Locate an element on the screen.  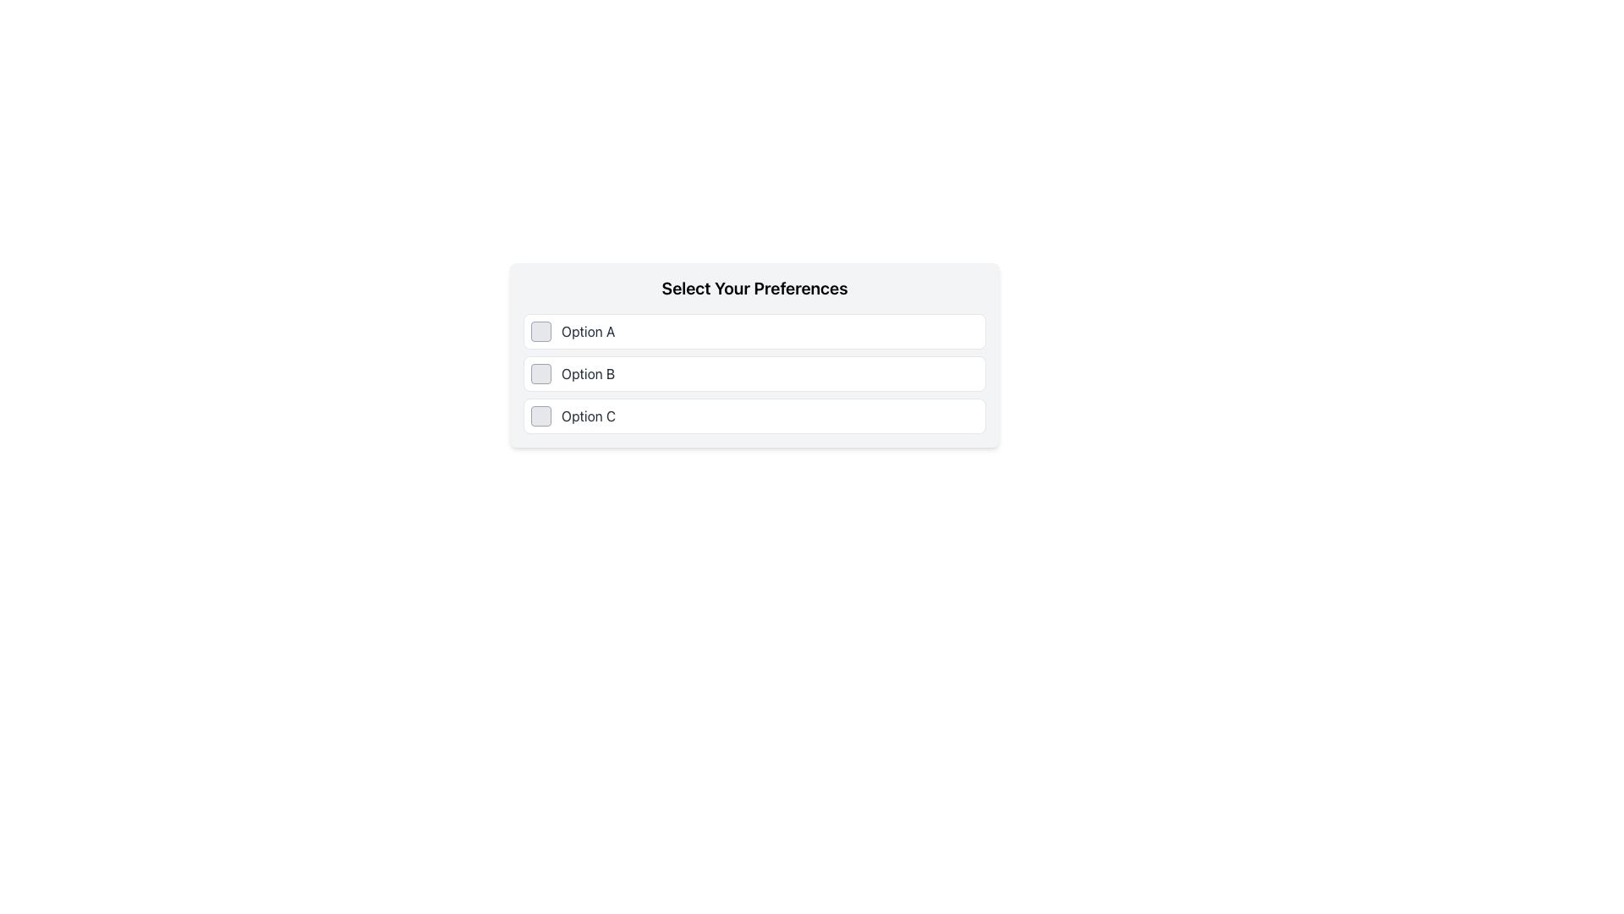
the text label that serves as the label for the first selectable option, which is positioned immediately is located at coordinates (588, 332).